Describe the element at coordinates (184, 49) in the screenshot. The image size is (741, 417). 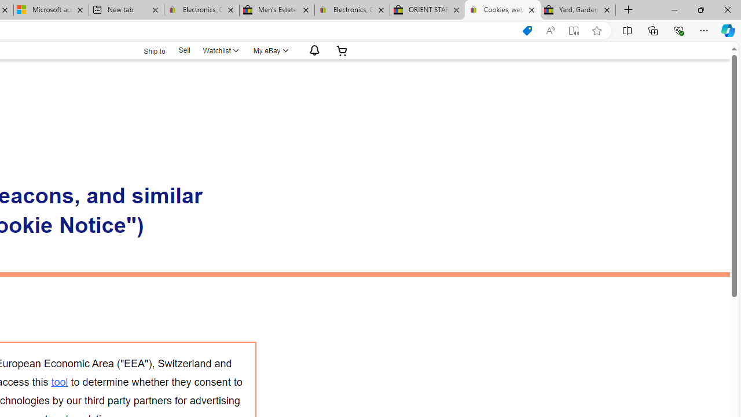
I see `'Sell'` at that location.